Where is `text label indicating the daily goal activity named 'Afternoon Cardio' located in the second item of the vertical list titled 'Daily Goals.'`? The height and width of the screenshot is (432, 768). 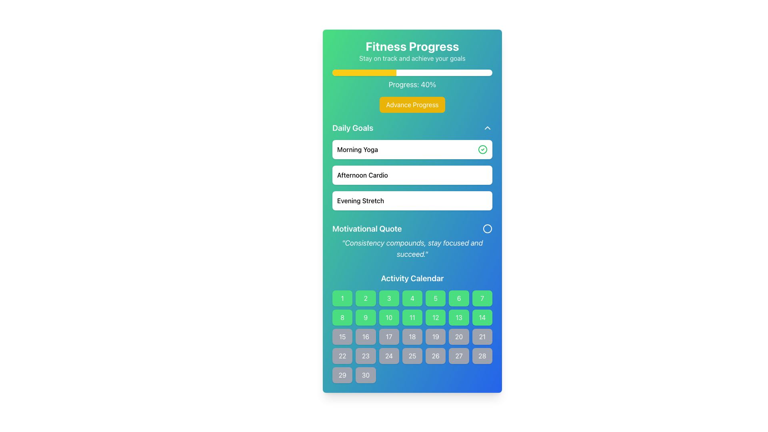
text label indicating the daily goal activity named 'Afternoon Cardio' located in the second item of the vertical list titled 'Daily Goals.' is located at coordinates (362, 175).